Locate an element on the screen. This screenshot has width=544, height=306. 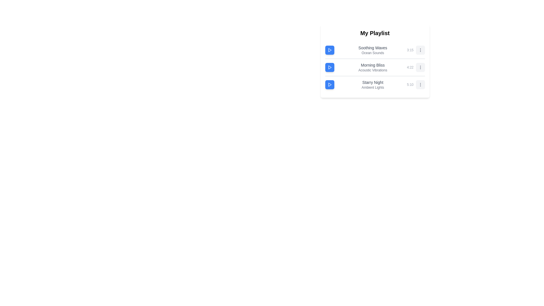
the text label 'Acoustic Vibrations' located beneath the title 'Morning Bliss' in the playlist entry is located at coordinates (373, 70).